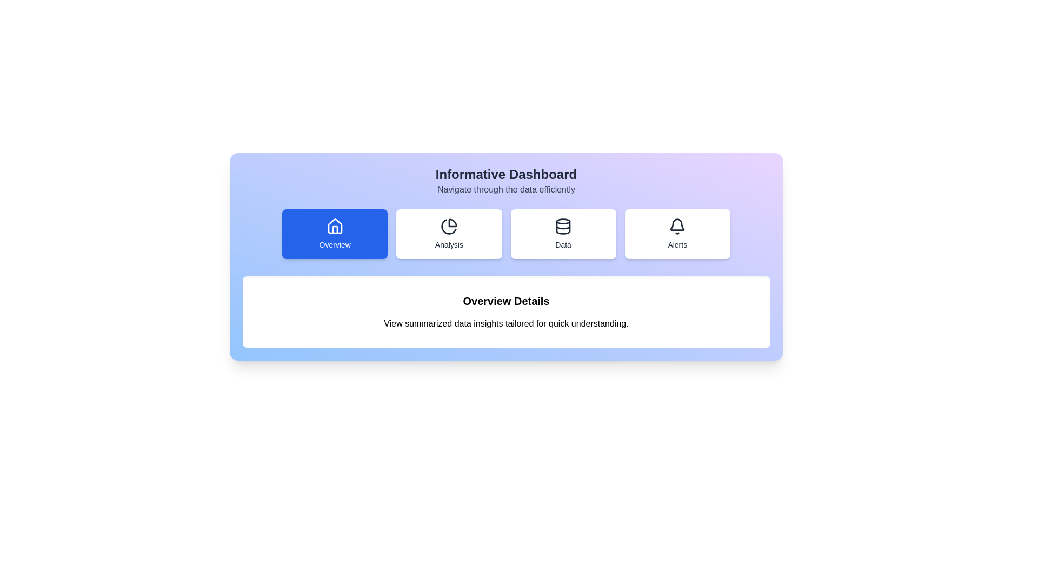  What do you see at coordinates (677, 244) in the screenshot?
I see `the 'Alerts' text label, which is styled with a smaller font size in dark color on a white background and located below a bell icon in the fourth card of navigation options` at bounding box center [677, 244].